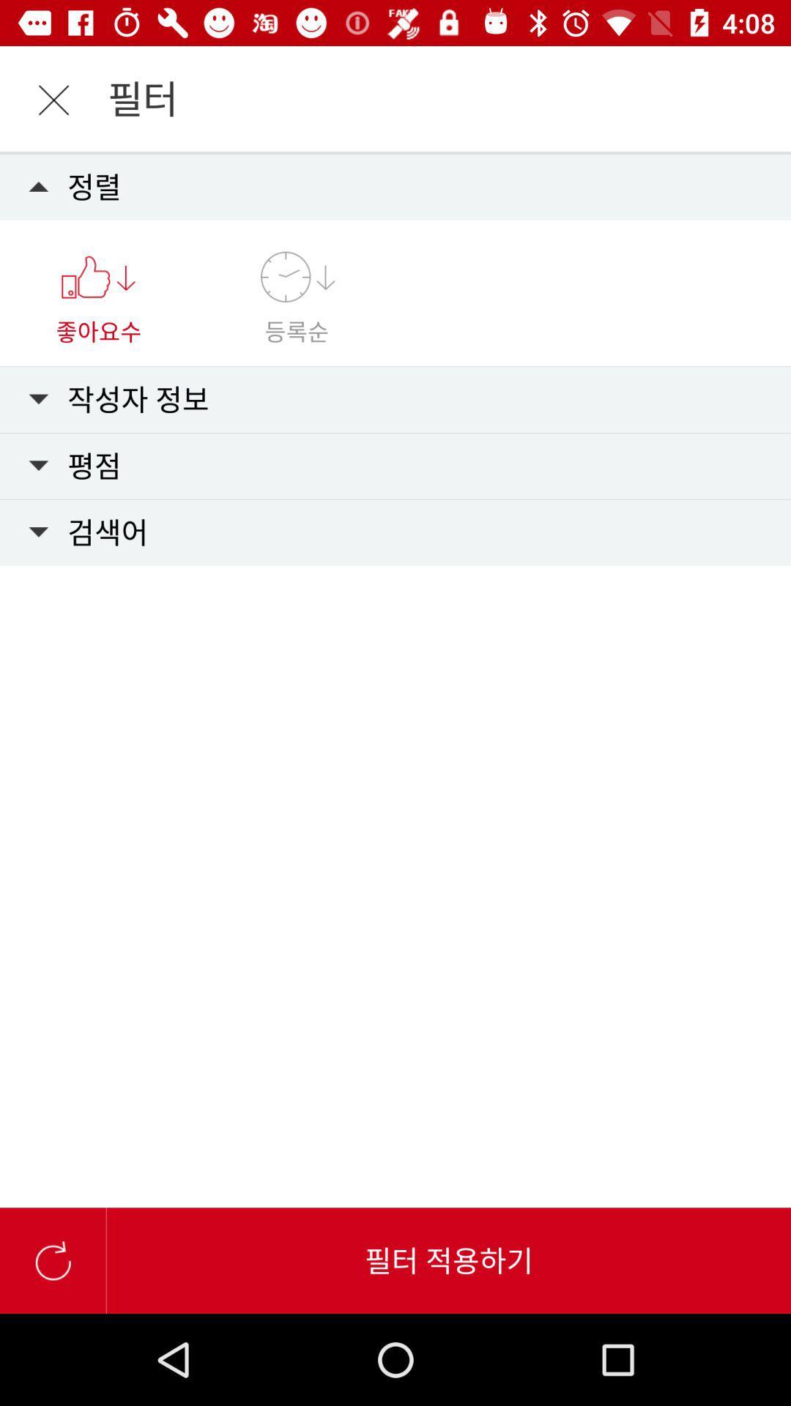 Image resolution: width=791 pixels, height=1406 pixels. What do you see at coordinates (52, 1260) in the screenshot?
I see `the refresh icon` at bounding box center [52, 1260].